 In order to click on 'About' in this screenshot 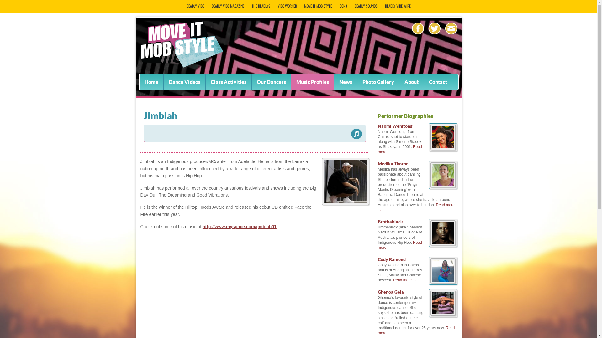, I will do `click(411, 82)`.